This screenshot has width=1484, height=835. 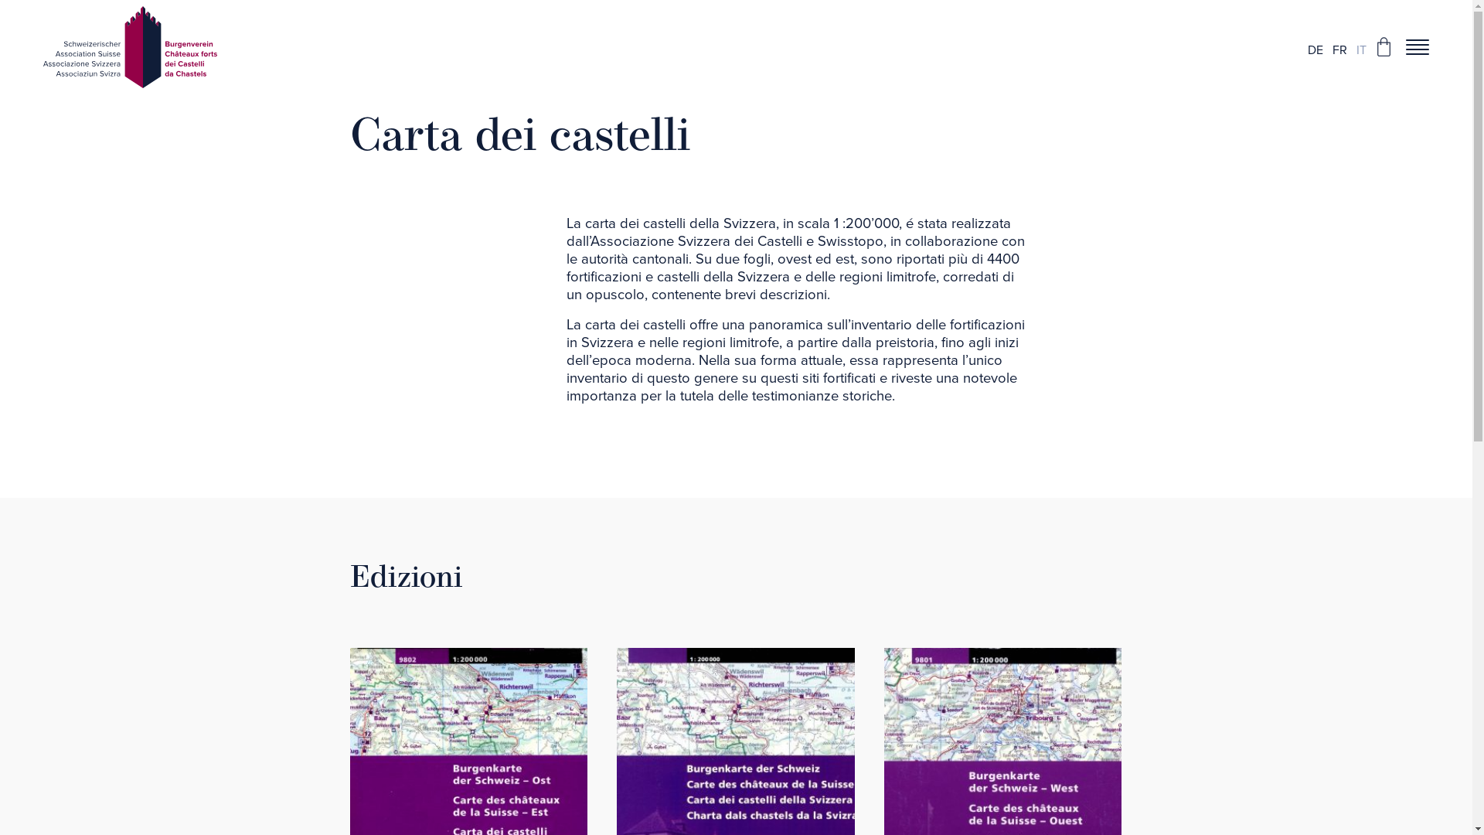 What do you see at coordinates (1361, 46) in the screenshot?
I see `'IT'` at bounding box center [1361, 46].